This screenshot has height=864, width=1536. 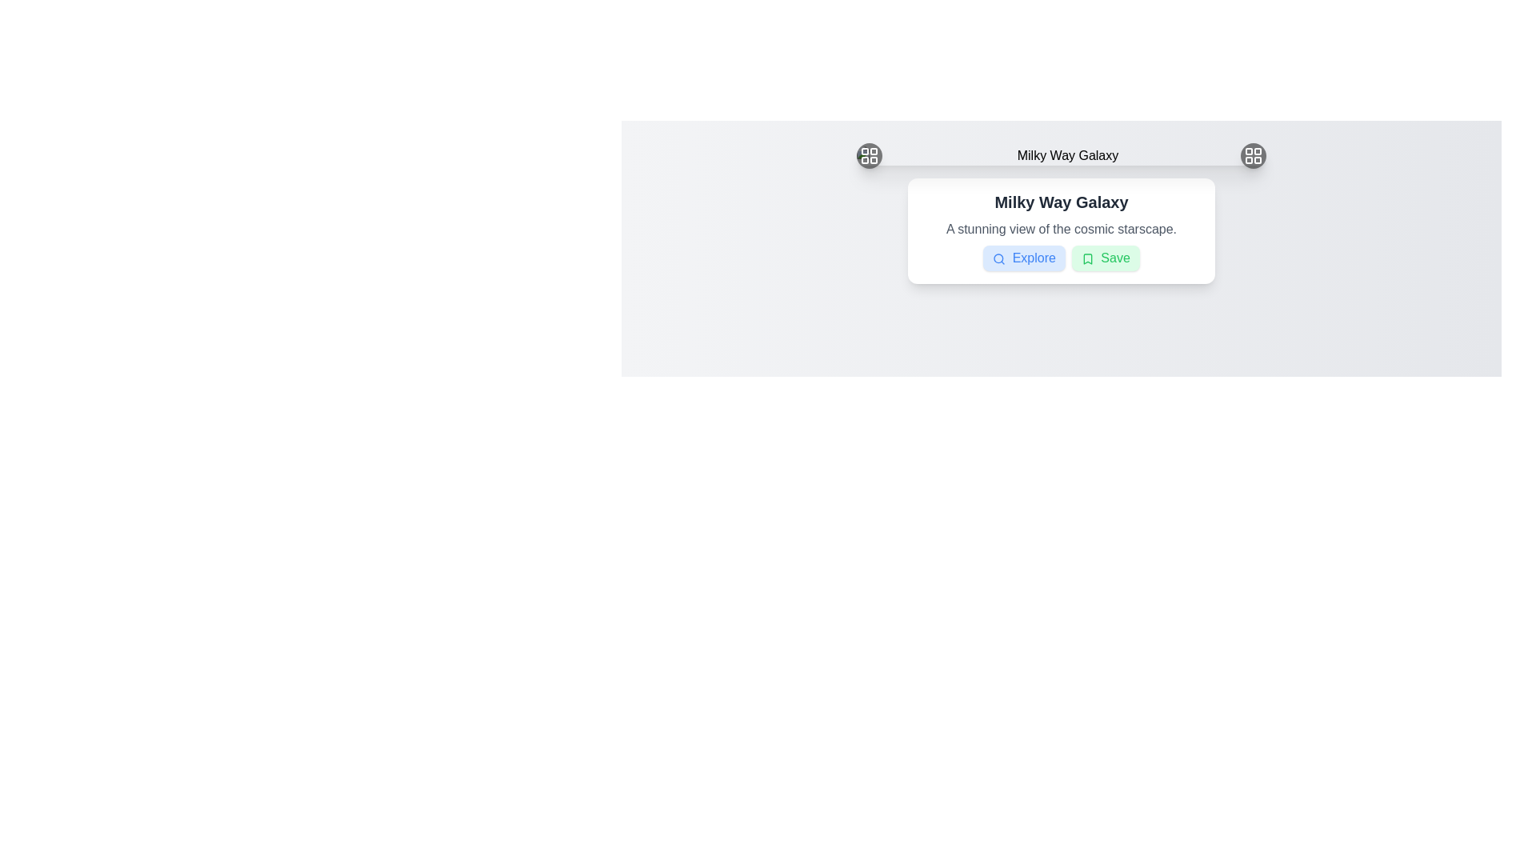 What do you see at coordinates (998, 258) in the screenshot?
I see `the circular part of the magnifying glass icon located in the upper-right corner of the interface` at bounding box center [998, 258].